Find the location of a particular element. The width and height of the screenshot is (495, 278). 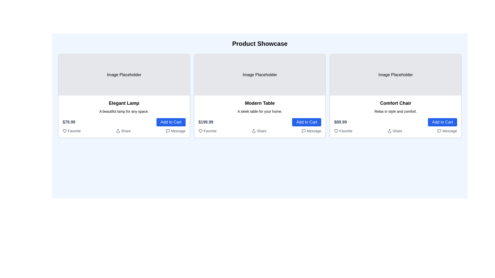

the 'Image Placeholder' for the 'Elegant Lamp' product, which is a rectangular element with a light gray background and bold black text centered within it is located at coordinates (124, 75).